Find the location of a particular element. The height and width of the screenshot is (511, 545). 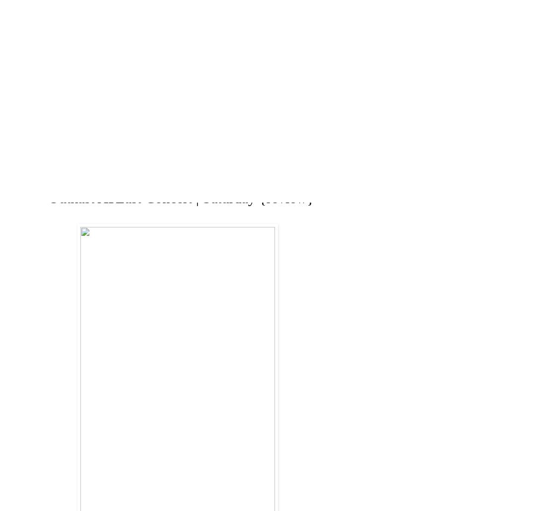

'BLOG' is located at coordinates (120, 139).